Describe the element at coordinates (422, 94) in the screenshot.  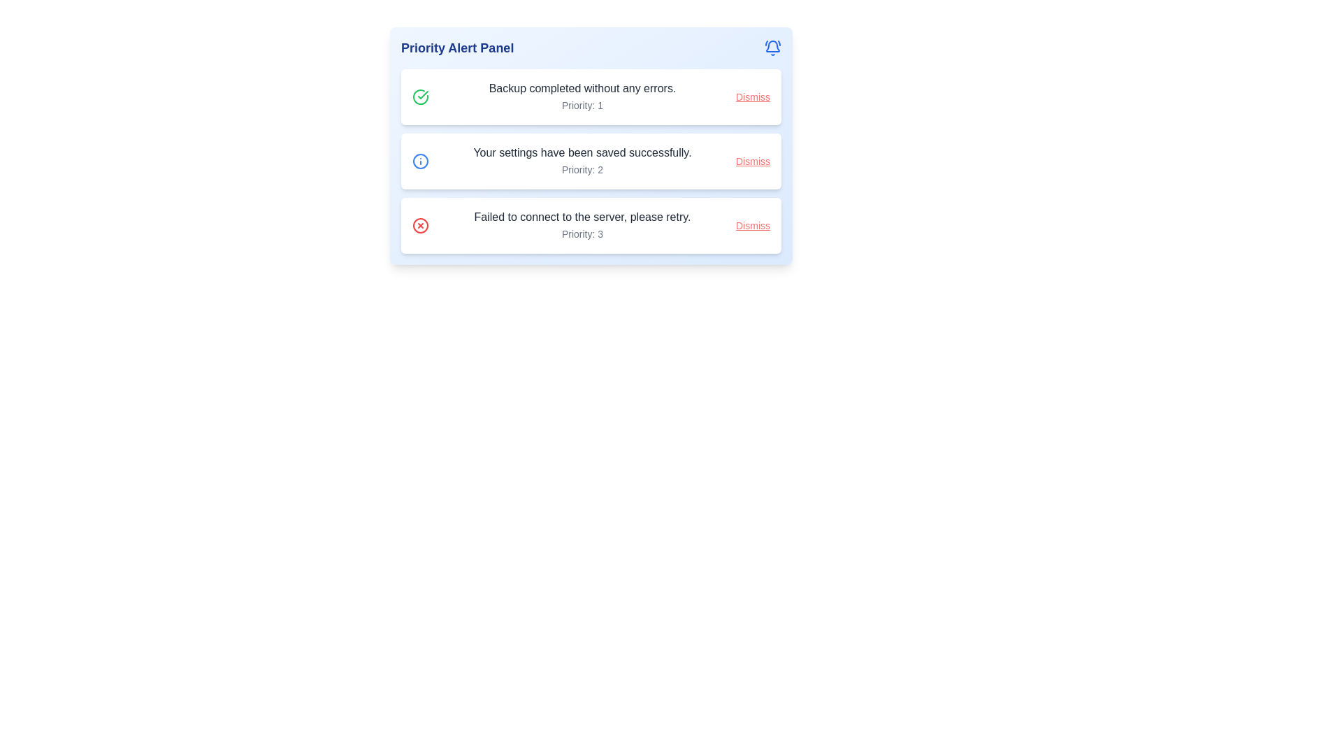
I see `the small green check symbol icon indicating successful completion in the 'Priority Alert Panel' aligned with the notification 'Backup completed without any errors.'` at that location.